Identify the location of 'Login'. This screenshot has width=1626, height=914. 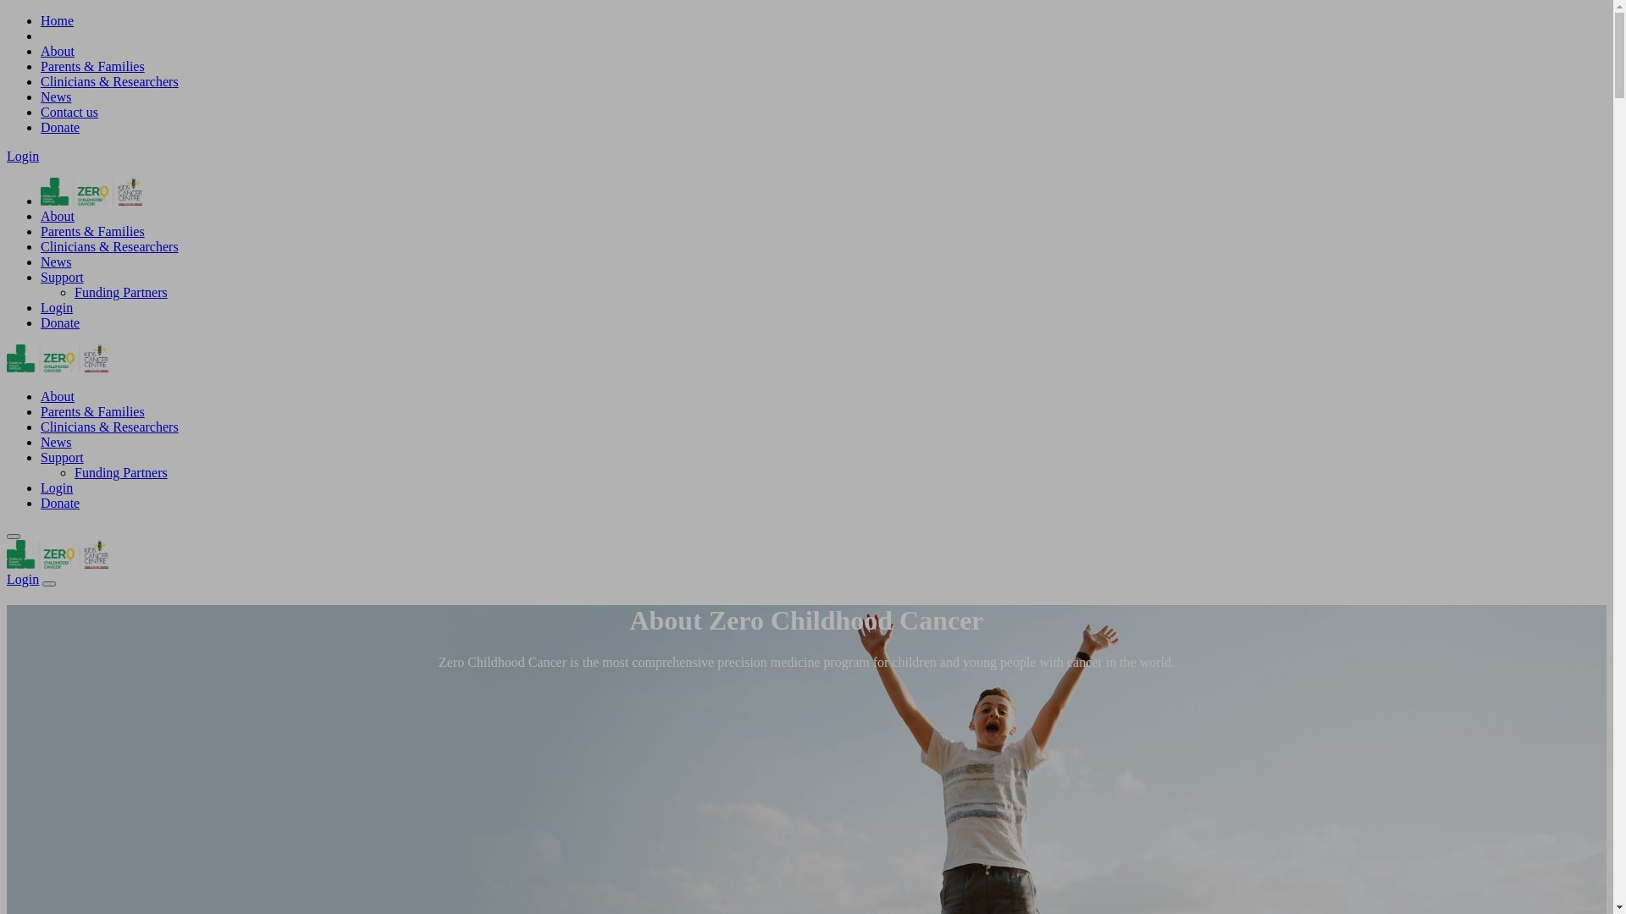
(23, 578).